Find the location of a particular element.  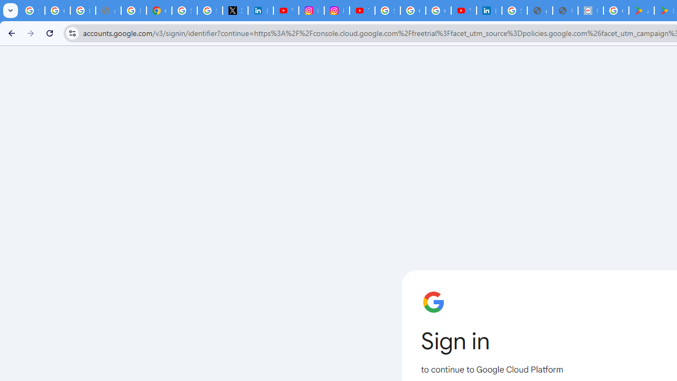

'Data Privacy Framework' is located at coordinates (590, 11).